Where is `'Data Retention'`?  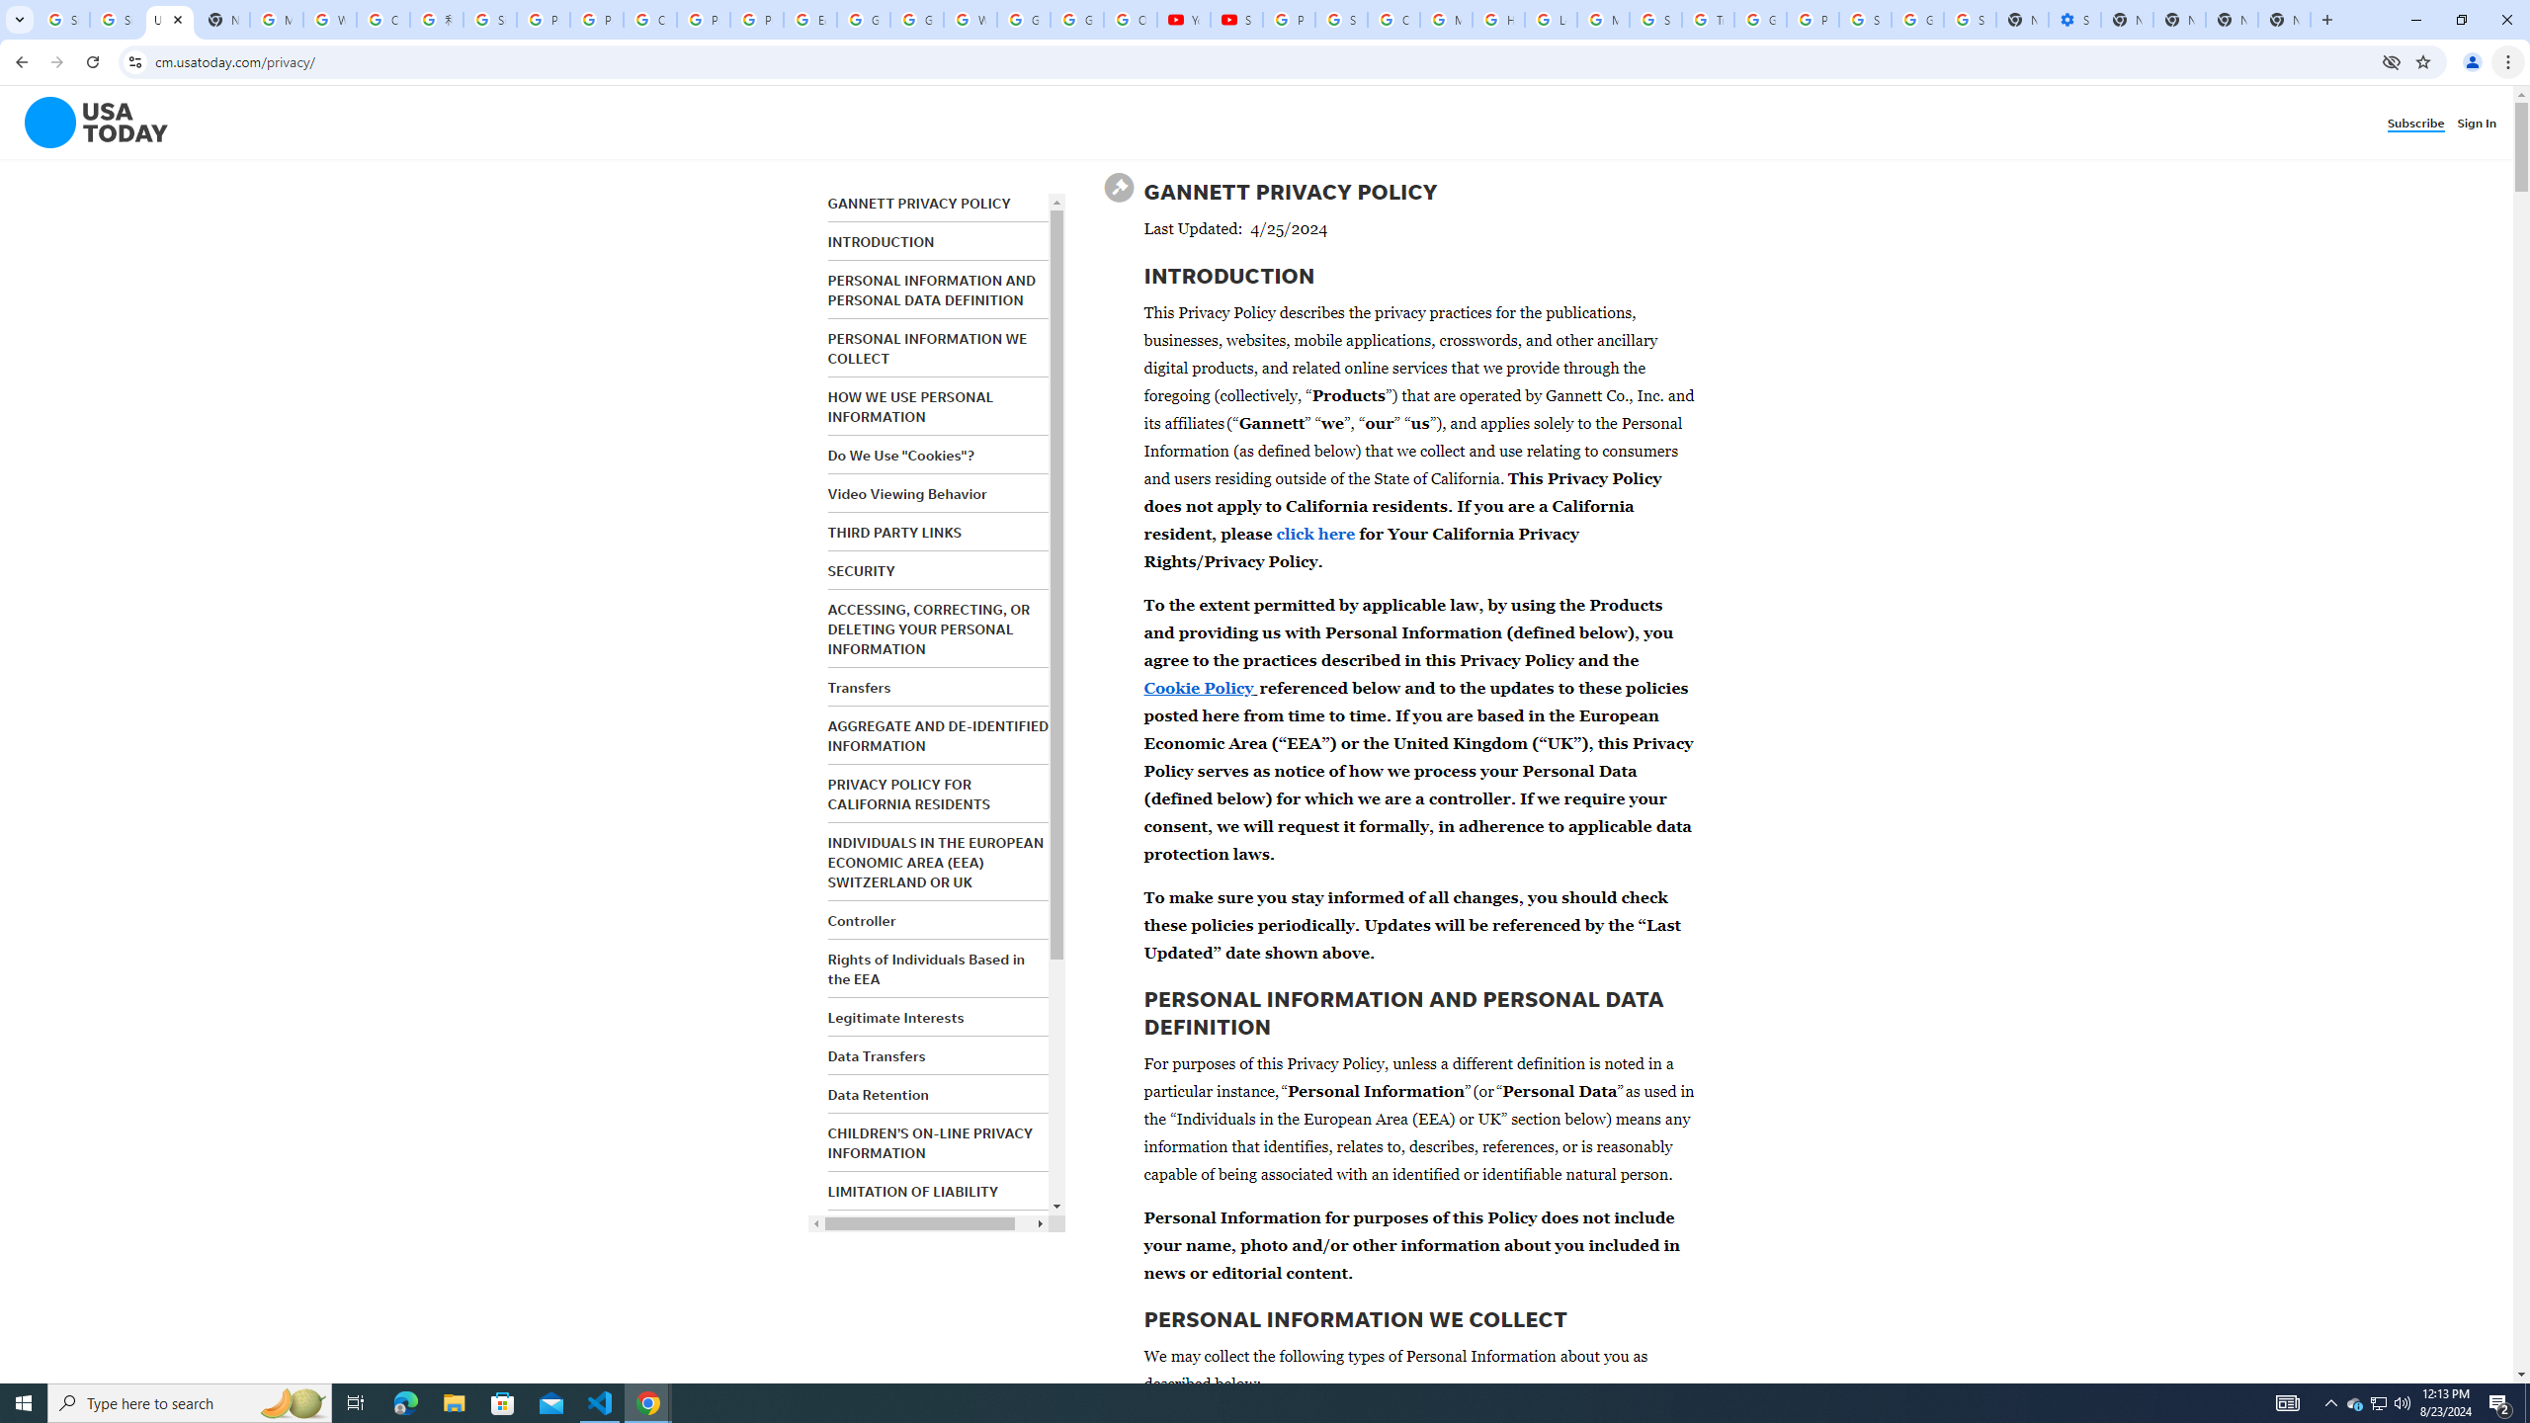 'Data Retention' is located at coordinates (878, 1094).